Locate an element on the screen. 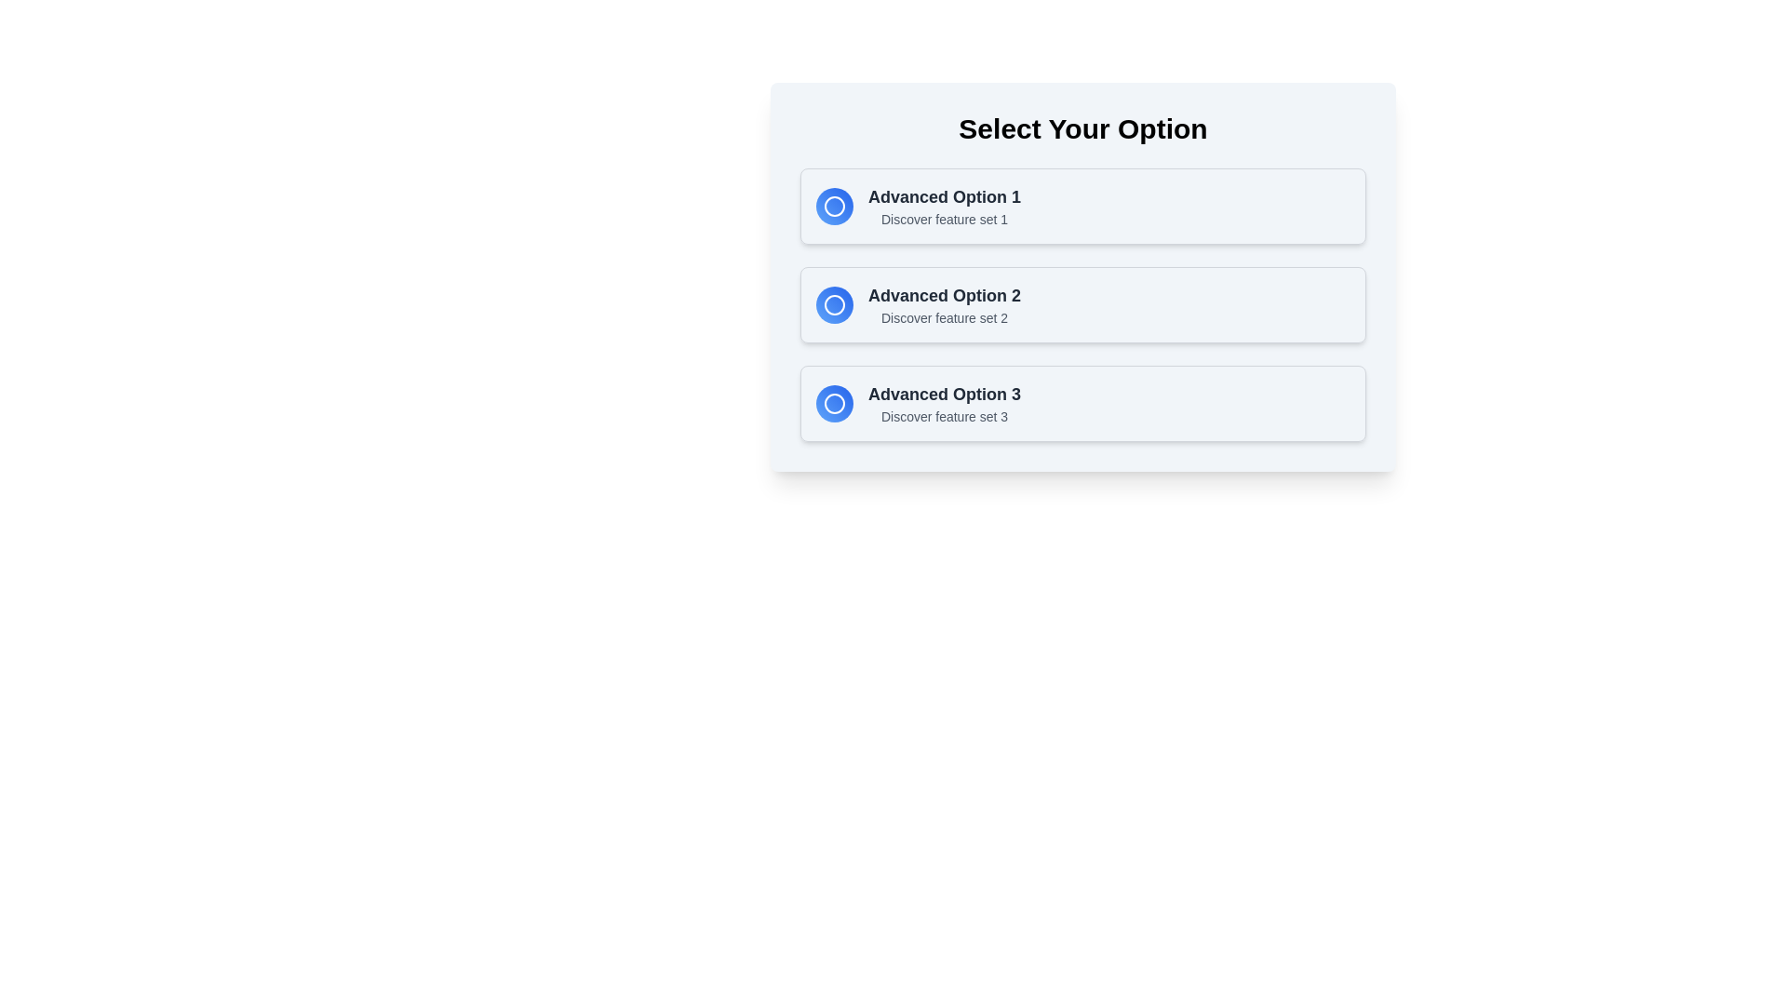 The width and height of the screenshot is (1787, 1005). descriptive text block labeled 'Advanced Option 1' with subtitle 'Discover feature set 1', located in the first option card next to a circular icon is located at coordinates (945, 207).